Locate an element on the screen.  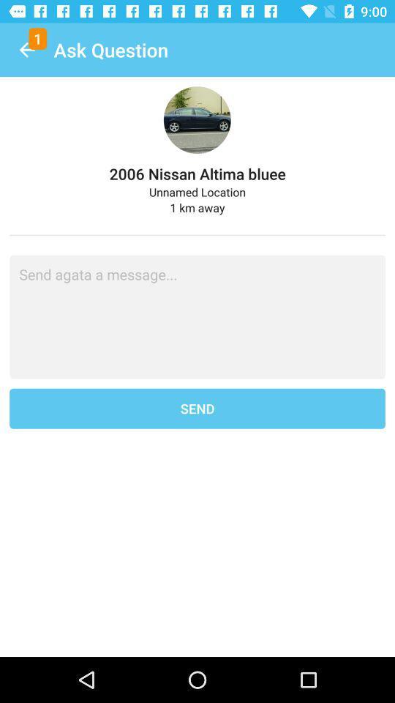
message is located at coordinates (197, 316).